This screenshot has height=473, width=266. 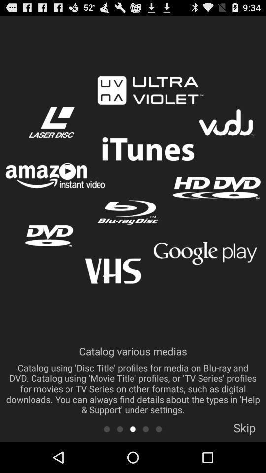 What do you see at coordinates (145, 428) in the screenshot?
I see `back` at bounding box center [145, 428].